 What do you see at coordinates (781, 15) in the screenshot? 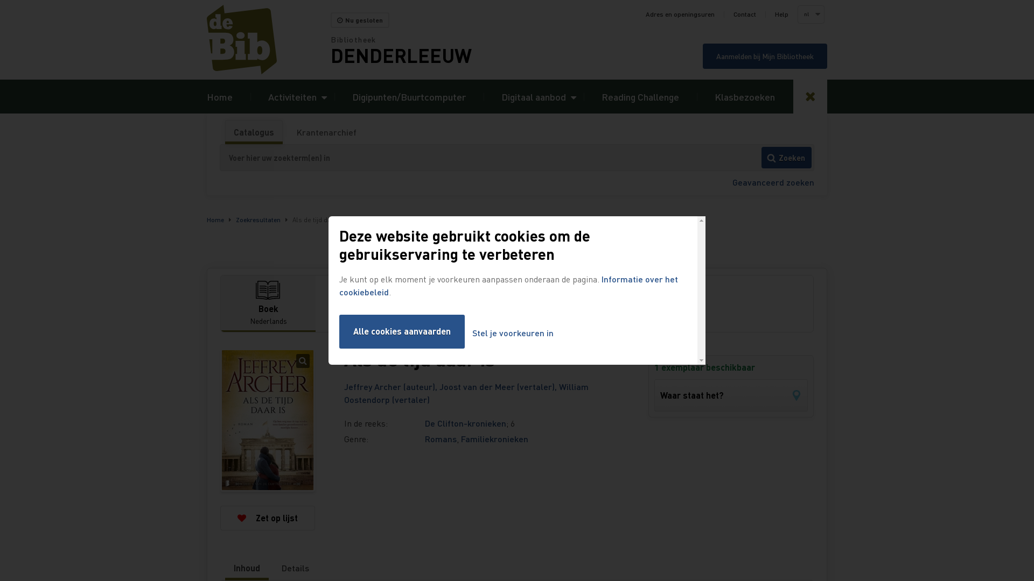
I see `'Help'` at bounding box center [781, 15].